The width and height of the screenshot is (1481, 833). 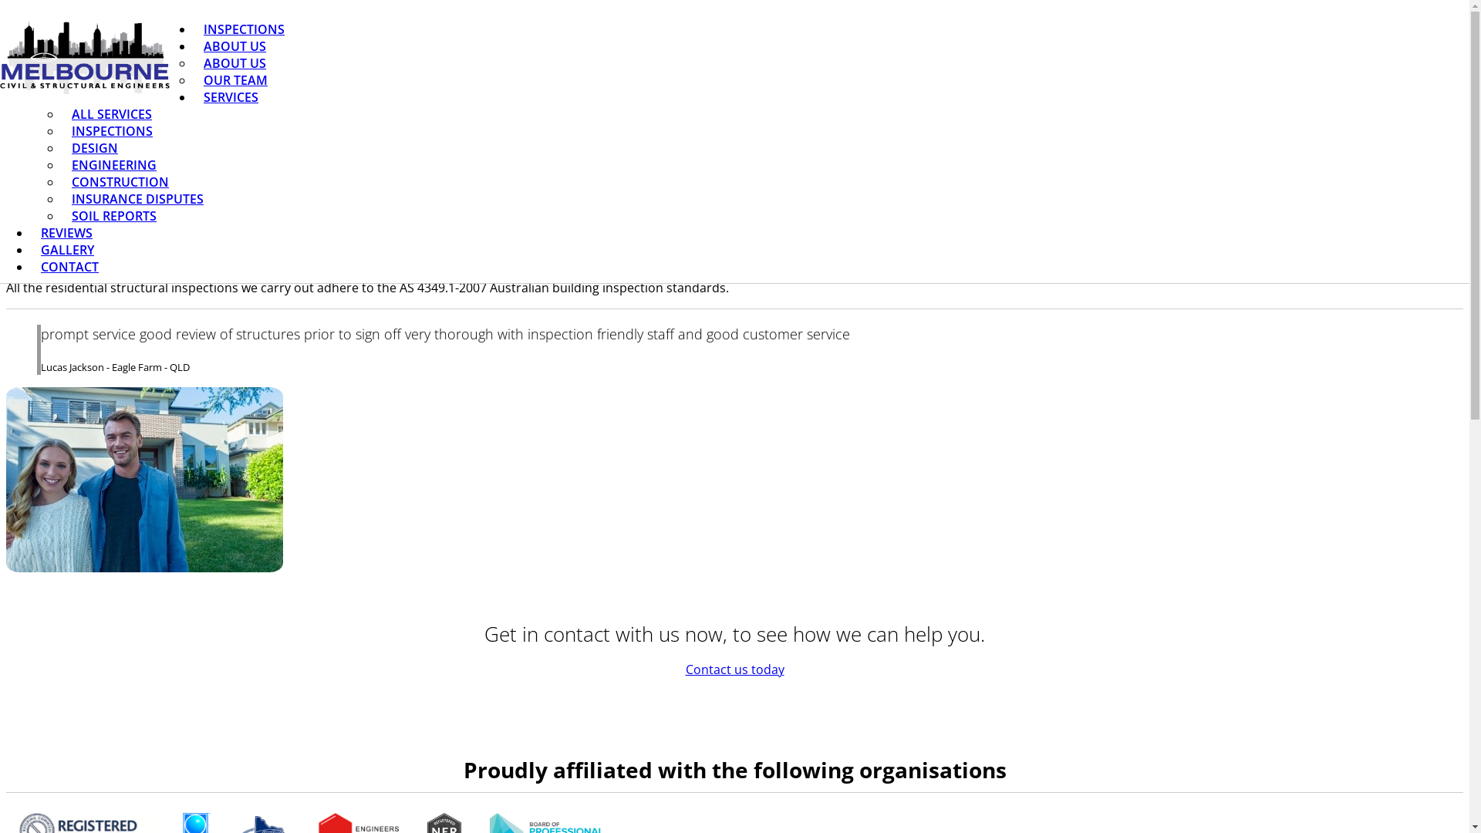 What do you see at coordinates (111, 130) in the screenshot?
I see `'INSPECTIONS'` at bounding box center [111, 130].